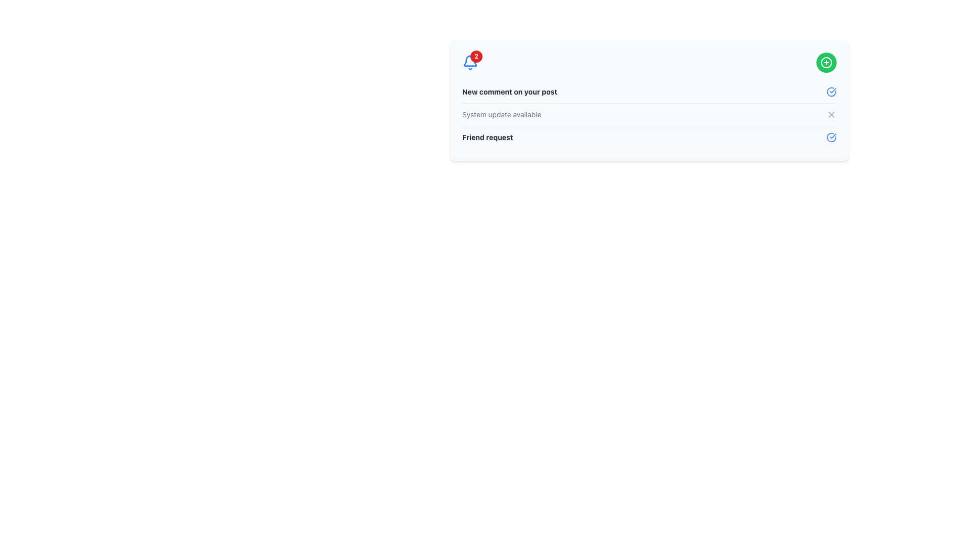  I want to click on the static text element that reads 'System update available' in gray, located in the second row of the notification panel, so click(502, 114).